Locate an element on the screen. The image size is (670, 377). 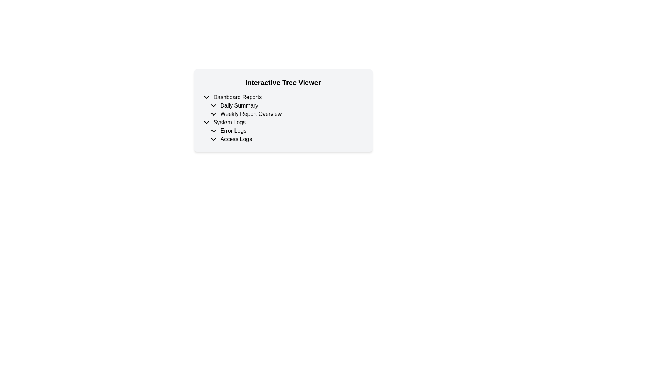
the SVG Icon located to the left of the 'Daily Summary' text label is located at coordinates (213, 106).